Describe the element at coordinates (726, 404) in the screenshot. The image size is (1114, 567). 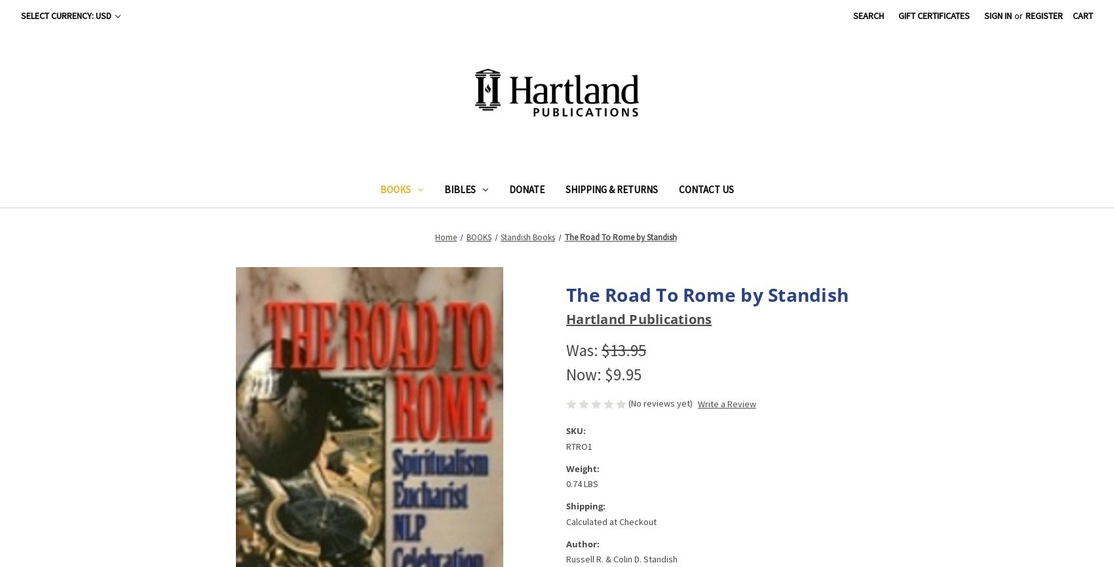
I see `'Write a Review'` at that location.